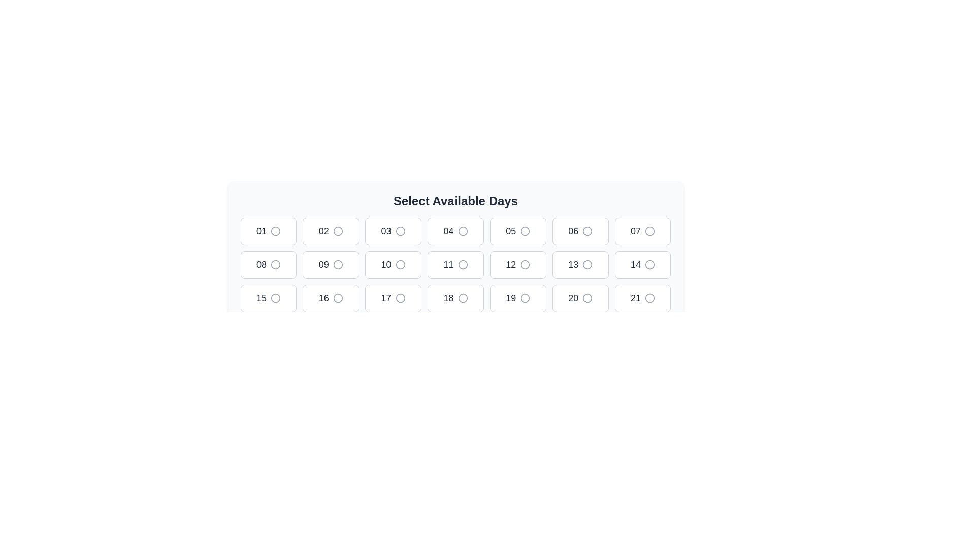  What do you see at coordinates (338, 297) in the screenshot?
I see `the radio button styled as a small circular icon with a gray outline, positioned next to the number '16'` at bounding box center [338, 297].